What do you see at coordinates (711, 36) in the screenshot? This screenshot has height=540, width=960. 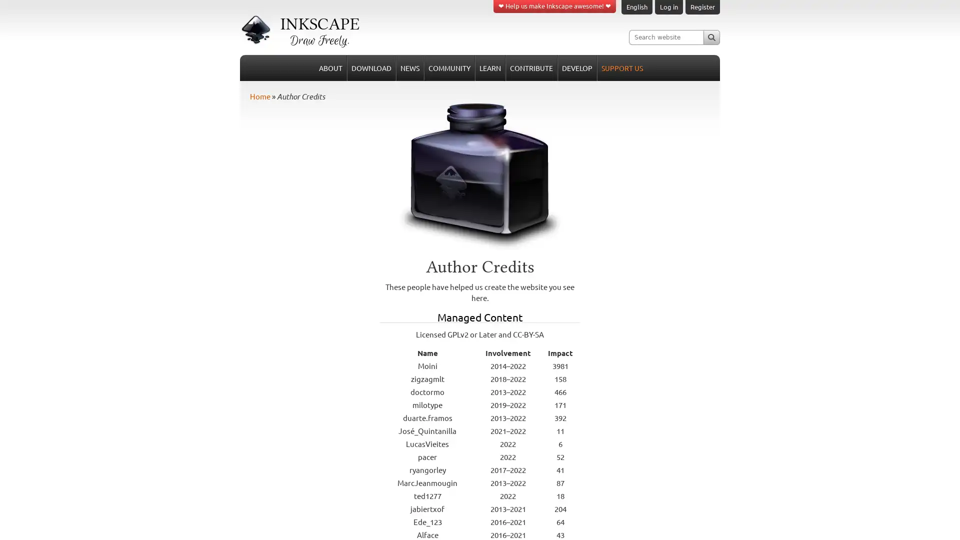 I see `Search` at bounding box center [711, 36].